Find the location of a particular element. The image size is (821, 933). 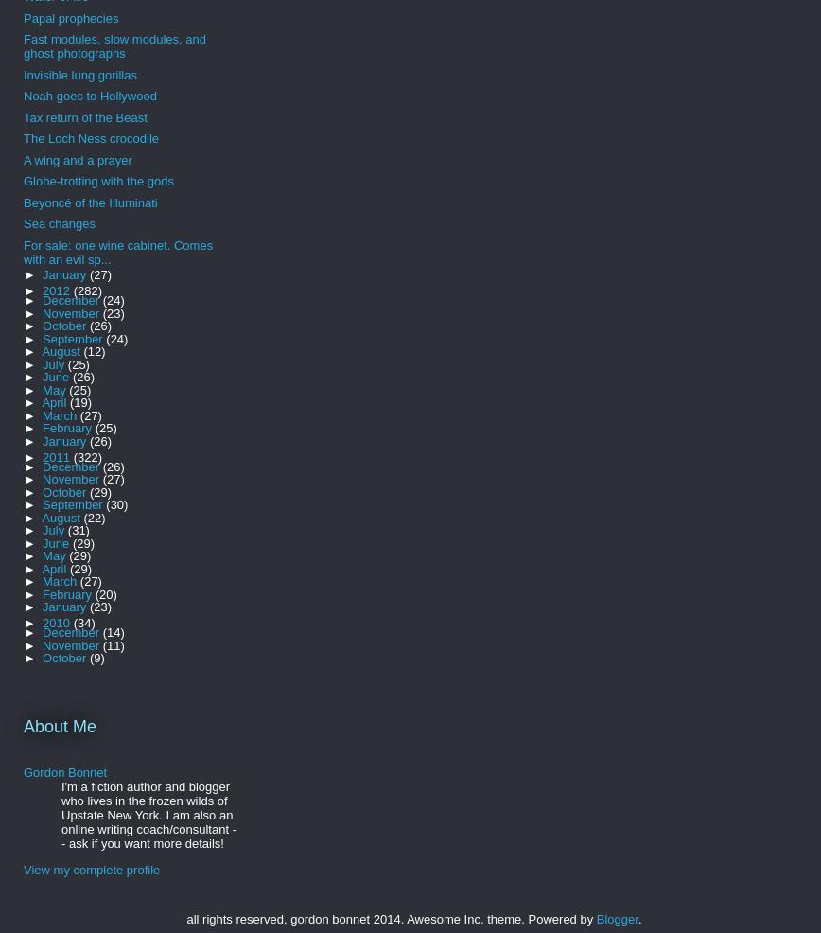

'(12)' is located at coordinates (94, 350).